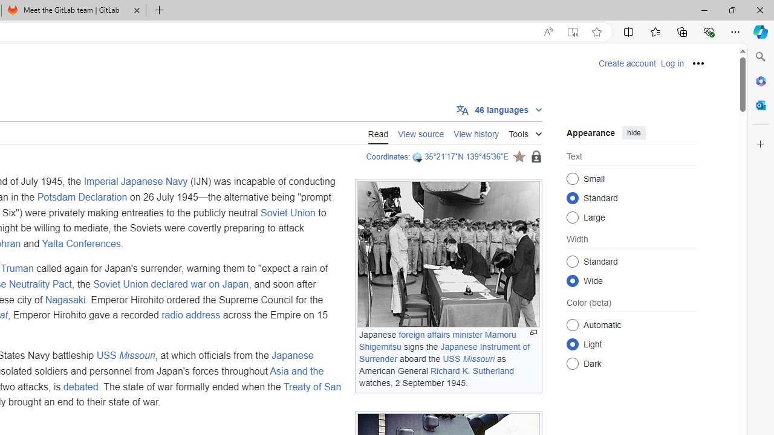 This screenshot has height=435, width=774. Describe the element at coordinates (572, 344) in the screenshot. I see `'Light'` at that location.